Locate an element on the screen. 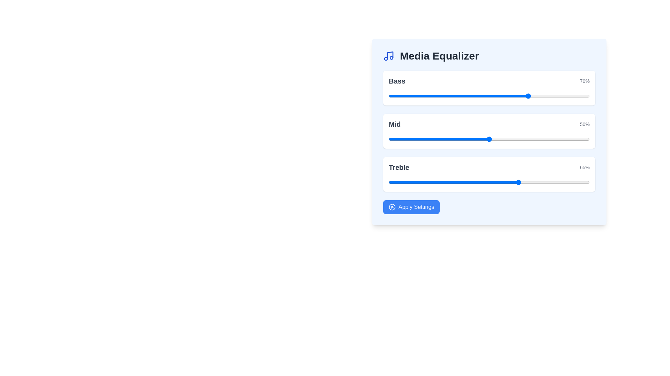 Image resolution: width=670 pixels, height=376 pixels. the slider is located at coordinates (395, 139).